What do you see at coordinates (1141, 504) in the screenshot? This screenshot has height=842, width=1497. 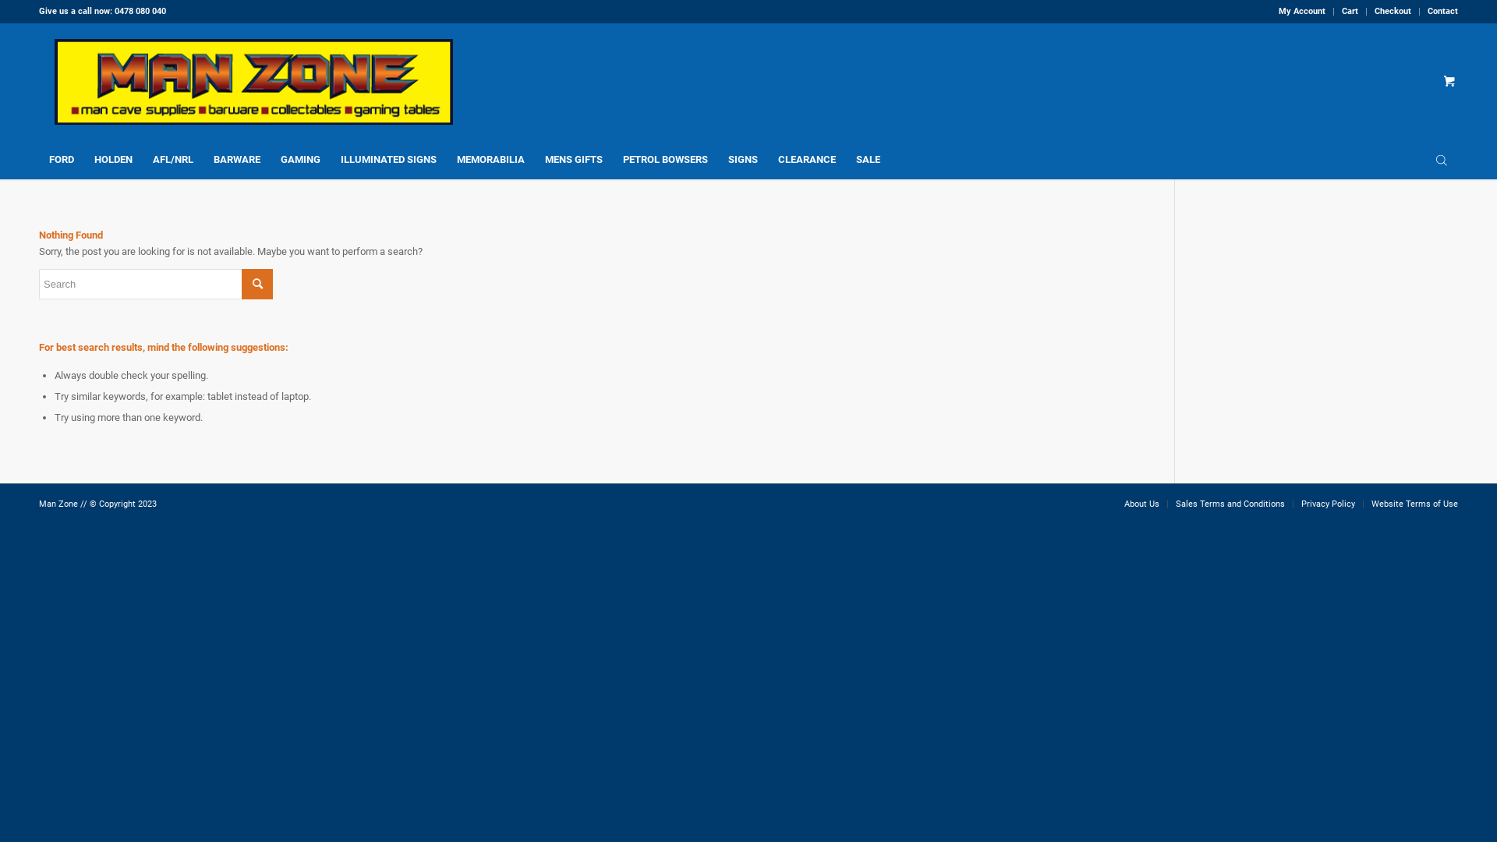 I see `'About Us'` at bounding box center [1141, 504].